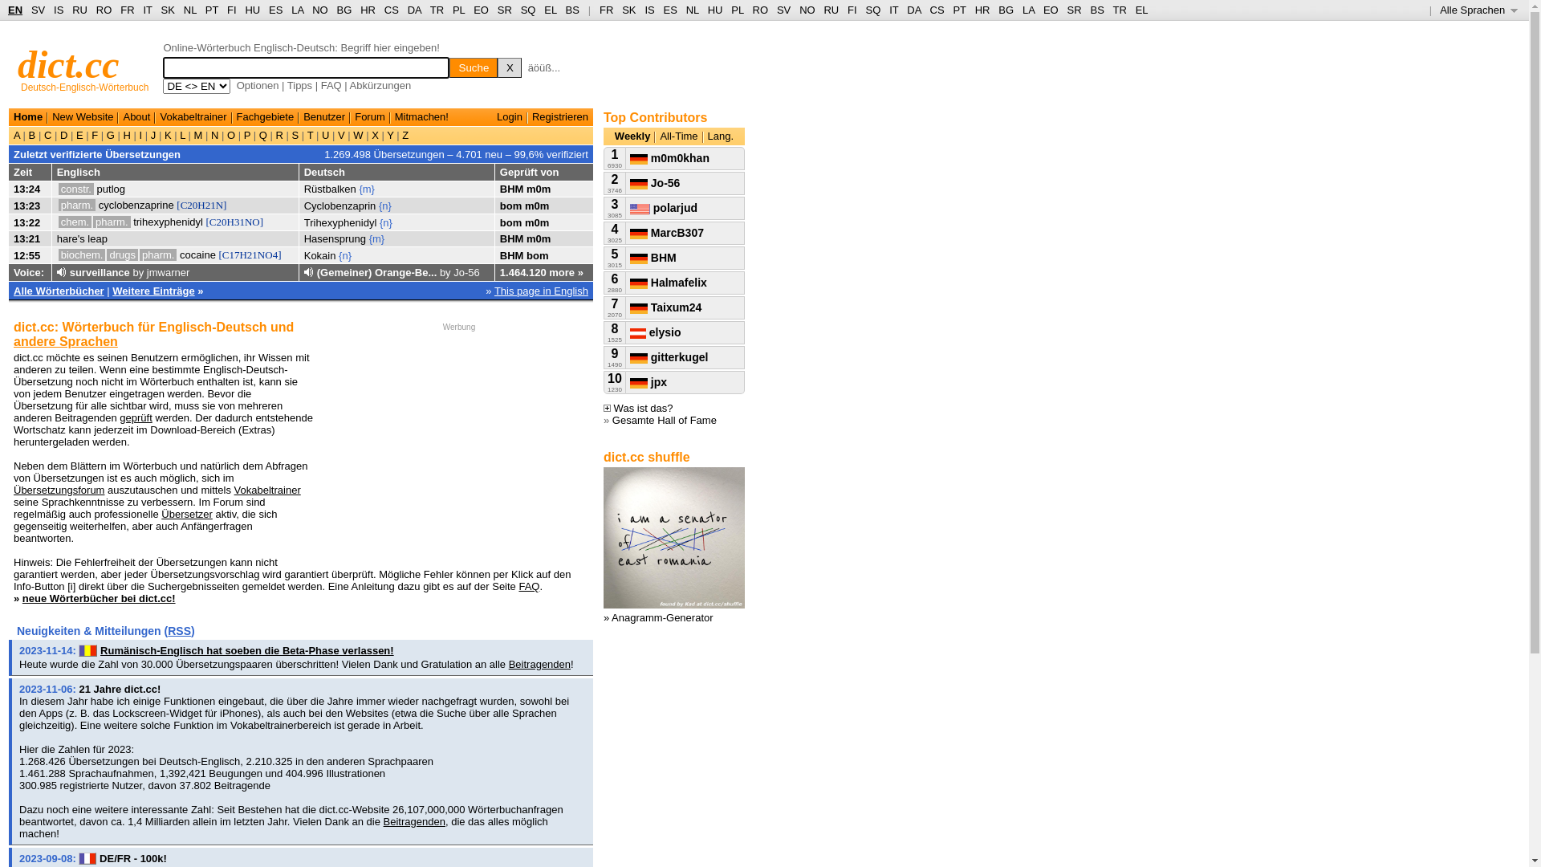 This screenshot has height=867, width=1541. What do you see at coordinates (182, 134) in the screenshot?
I see `'L'` at bounding box center [182, 134].